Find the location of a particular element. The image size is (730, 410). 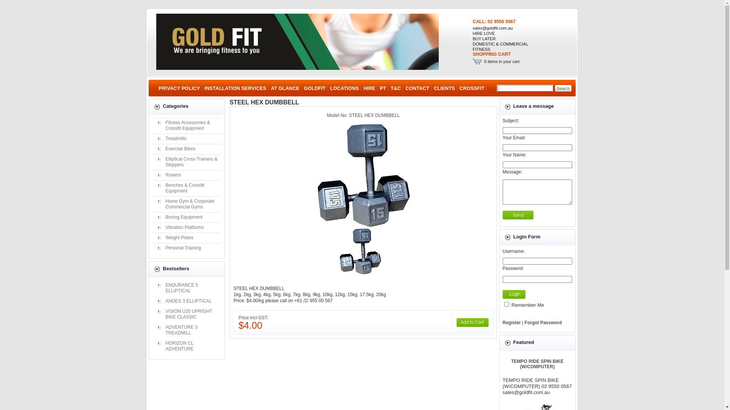

'Send' is located at coordinates (517, 215).